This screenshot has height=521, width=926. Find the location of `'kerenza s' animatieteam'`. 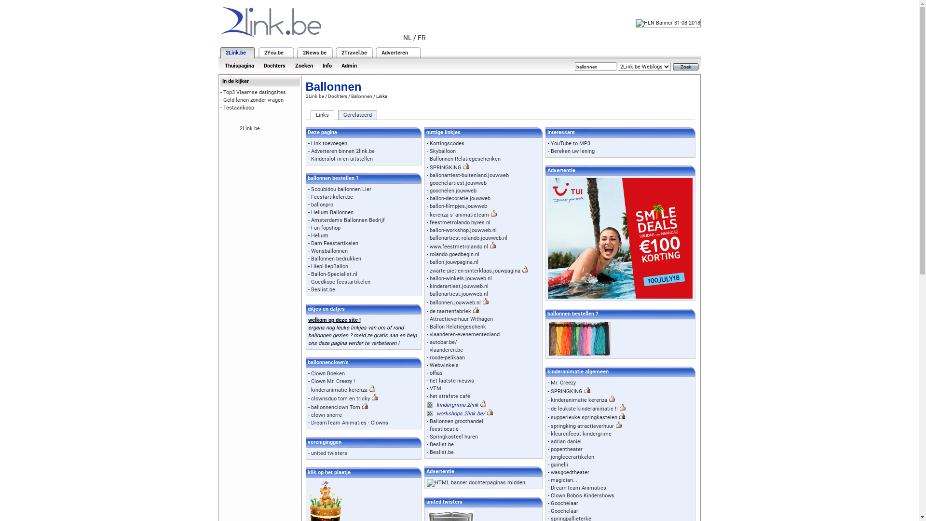

'kerenza s' animatieteam' is located at coordinates (429, 214).